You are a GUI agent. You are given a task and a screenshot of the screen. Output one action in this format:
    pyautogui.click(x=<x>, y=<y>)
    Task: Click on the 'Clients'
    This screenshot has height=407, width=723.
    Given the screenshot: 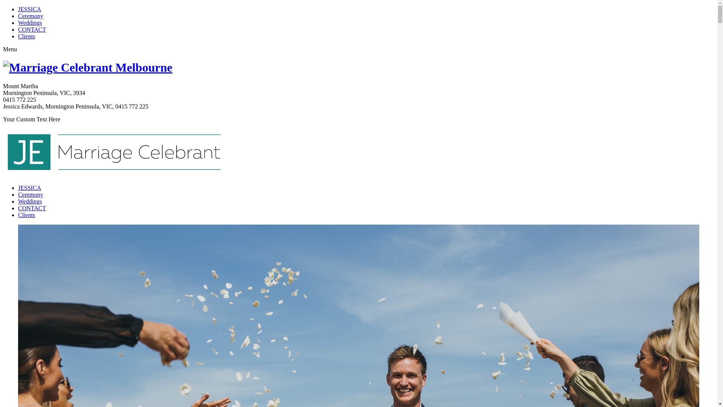 What is the action you would take?
    pyautogui.click(x=26, y=36)
    